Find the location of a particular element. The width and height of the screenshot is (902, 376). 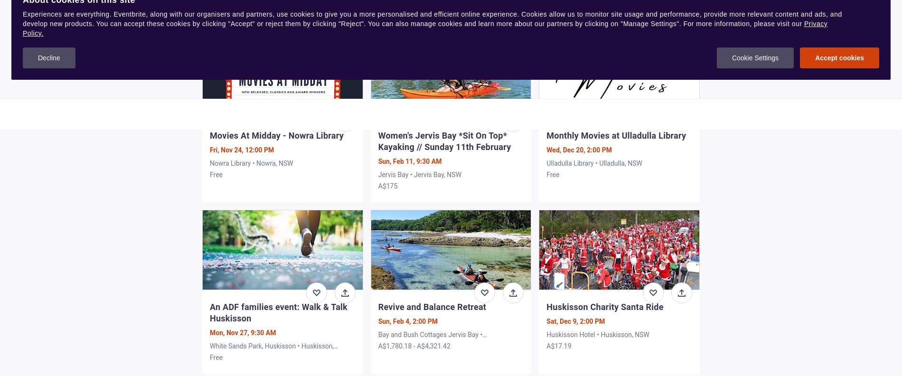

'Nowra Library • Nowra, NSW' is located at coordinates (251, 162).